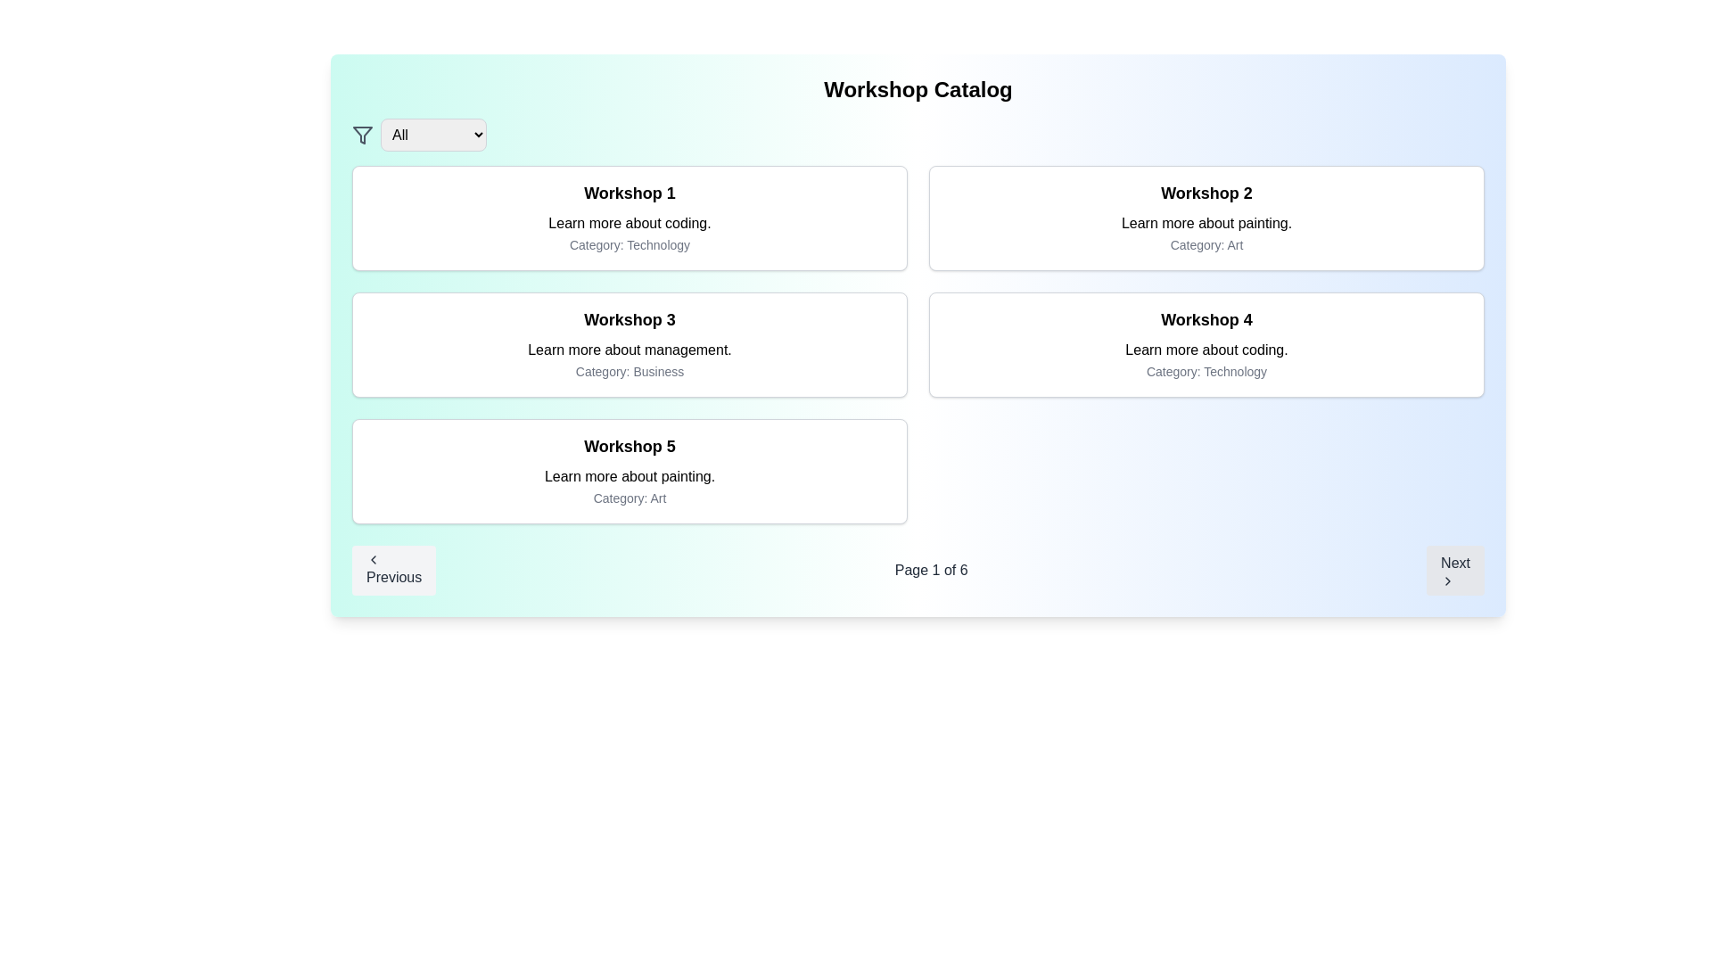  I want to click on current page information displayed in the middle text area of the Pagination navigation component, which shows 'Page 1 of 6', so click(918, 571).